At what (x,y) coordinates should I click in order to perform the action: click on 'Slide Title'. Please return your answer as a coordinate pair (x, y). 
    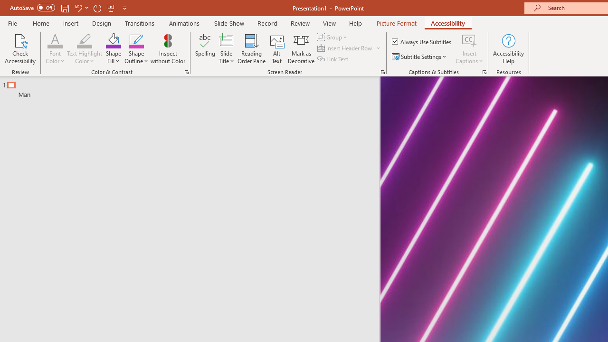
    Looking at the image, I should click on (226, 49).